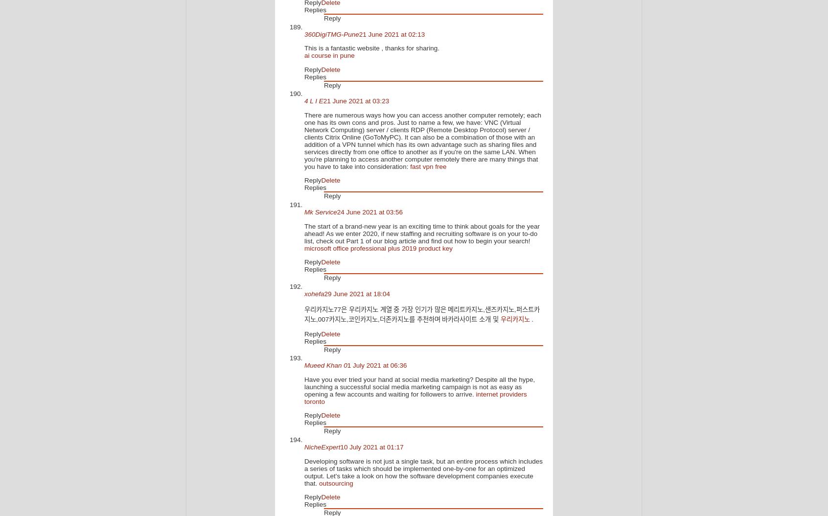 This screenshot has width=828, height=516. Describe the element at coordinates (421, 314) in the screenshot. I see `'우리카지노77은 우리카지노 계열 중 가장 인기가 많은 메리트카지노,샌즈카지노,​퍼스트카지노,007카지노,코인카지노,더존카지노를 추천하며 바카라사이트 소개 및'` at that location.